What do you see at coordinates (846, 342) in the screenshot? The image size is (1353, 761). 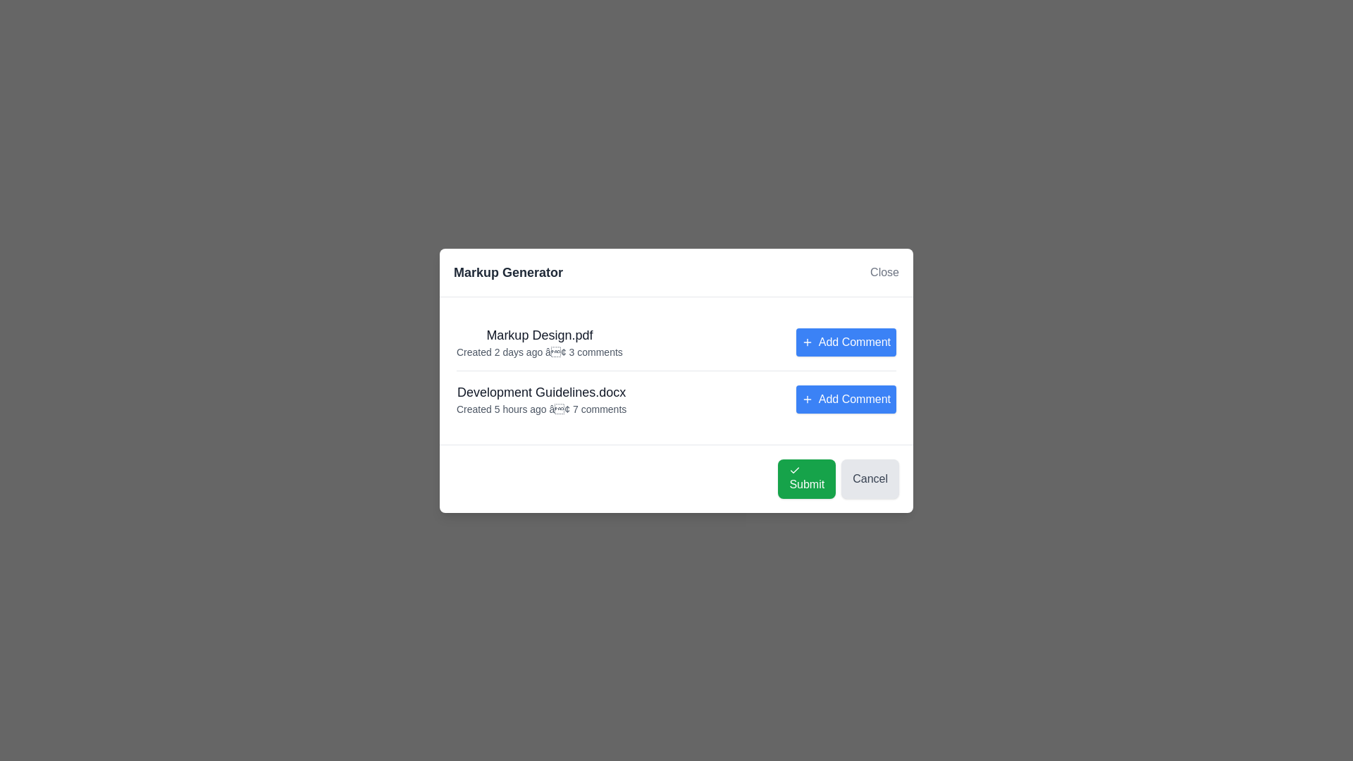 I see `the 'Add Comment' button for the file 'Markup Design.pdf'` at bounding box center [846, 342].